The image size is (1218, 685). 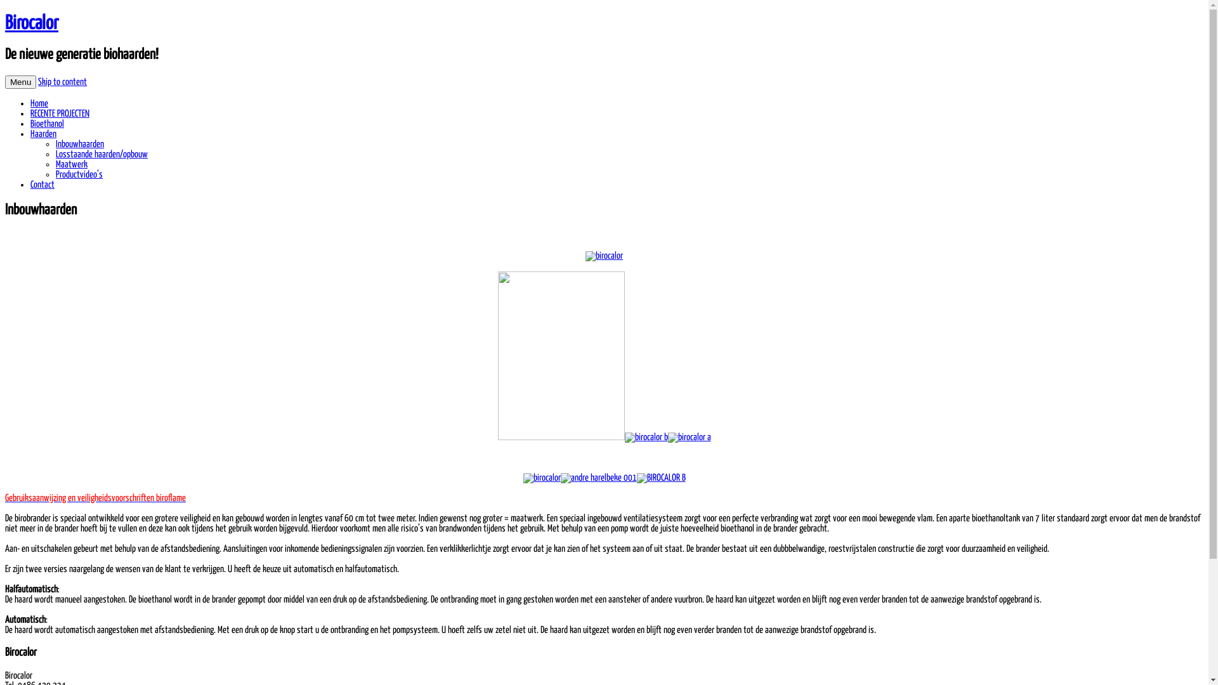 What do you see at coordinates (47, 124) in the screenshot?
I see `'Bioethanol'` at bounding box center [47, 124].